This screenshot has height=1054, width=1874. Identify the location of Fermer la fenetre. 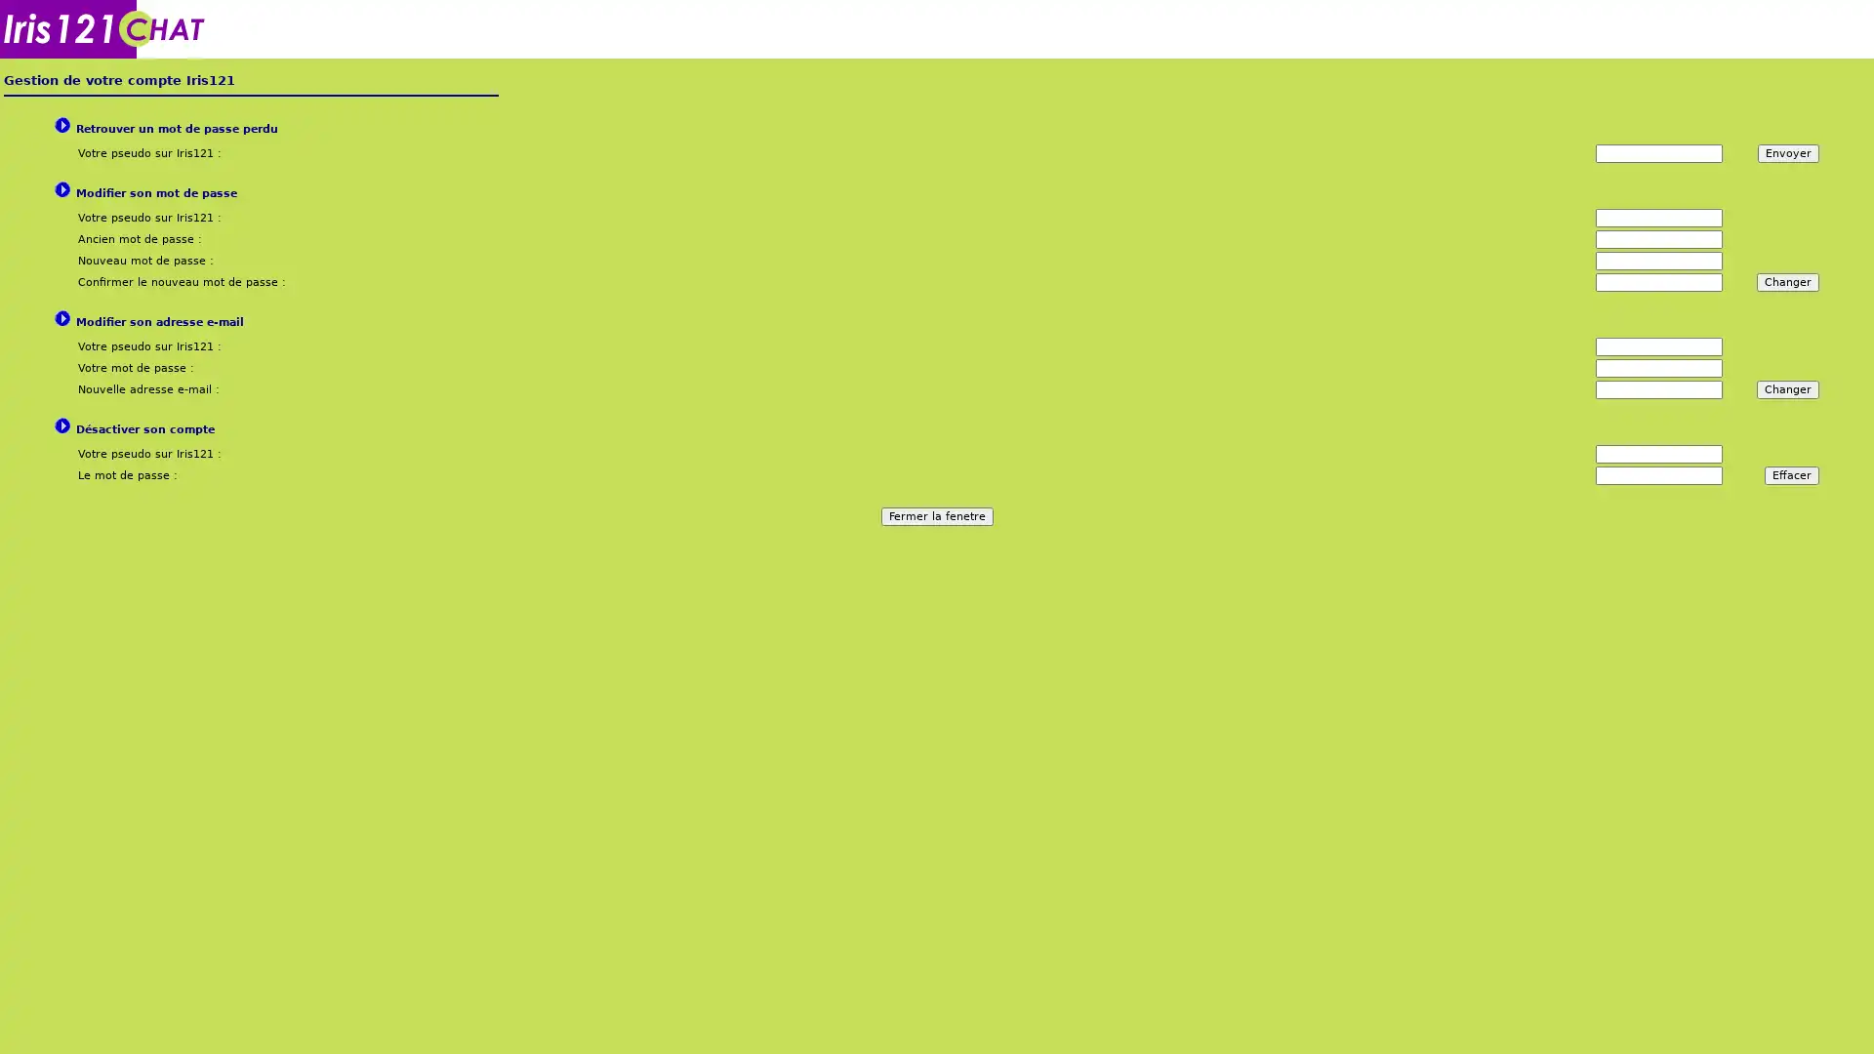
(935, 515).